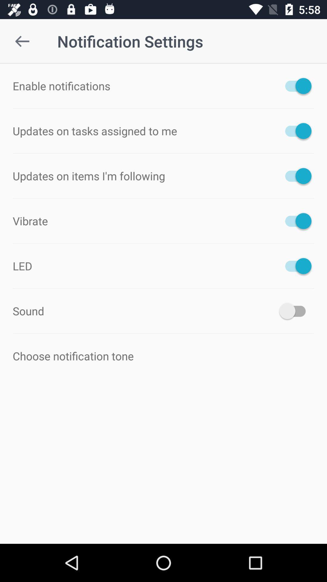 The width and height of the screenshot is (327, 582). Describe the element at coordinates (295, 176) in the screenshot. I see `icon to the right of updates on items` at that location.